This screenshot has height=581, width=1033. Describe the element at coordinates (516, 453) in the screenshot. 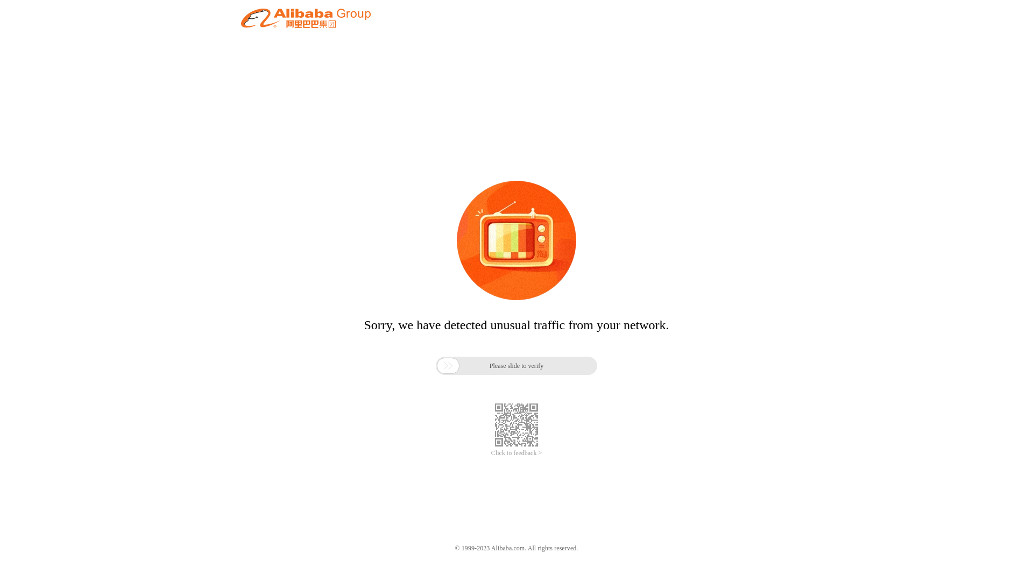

I see `'Click to feedback >'` at that location.